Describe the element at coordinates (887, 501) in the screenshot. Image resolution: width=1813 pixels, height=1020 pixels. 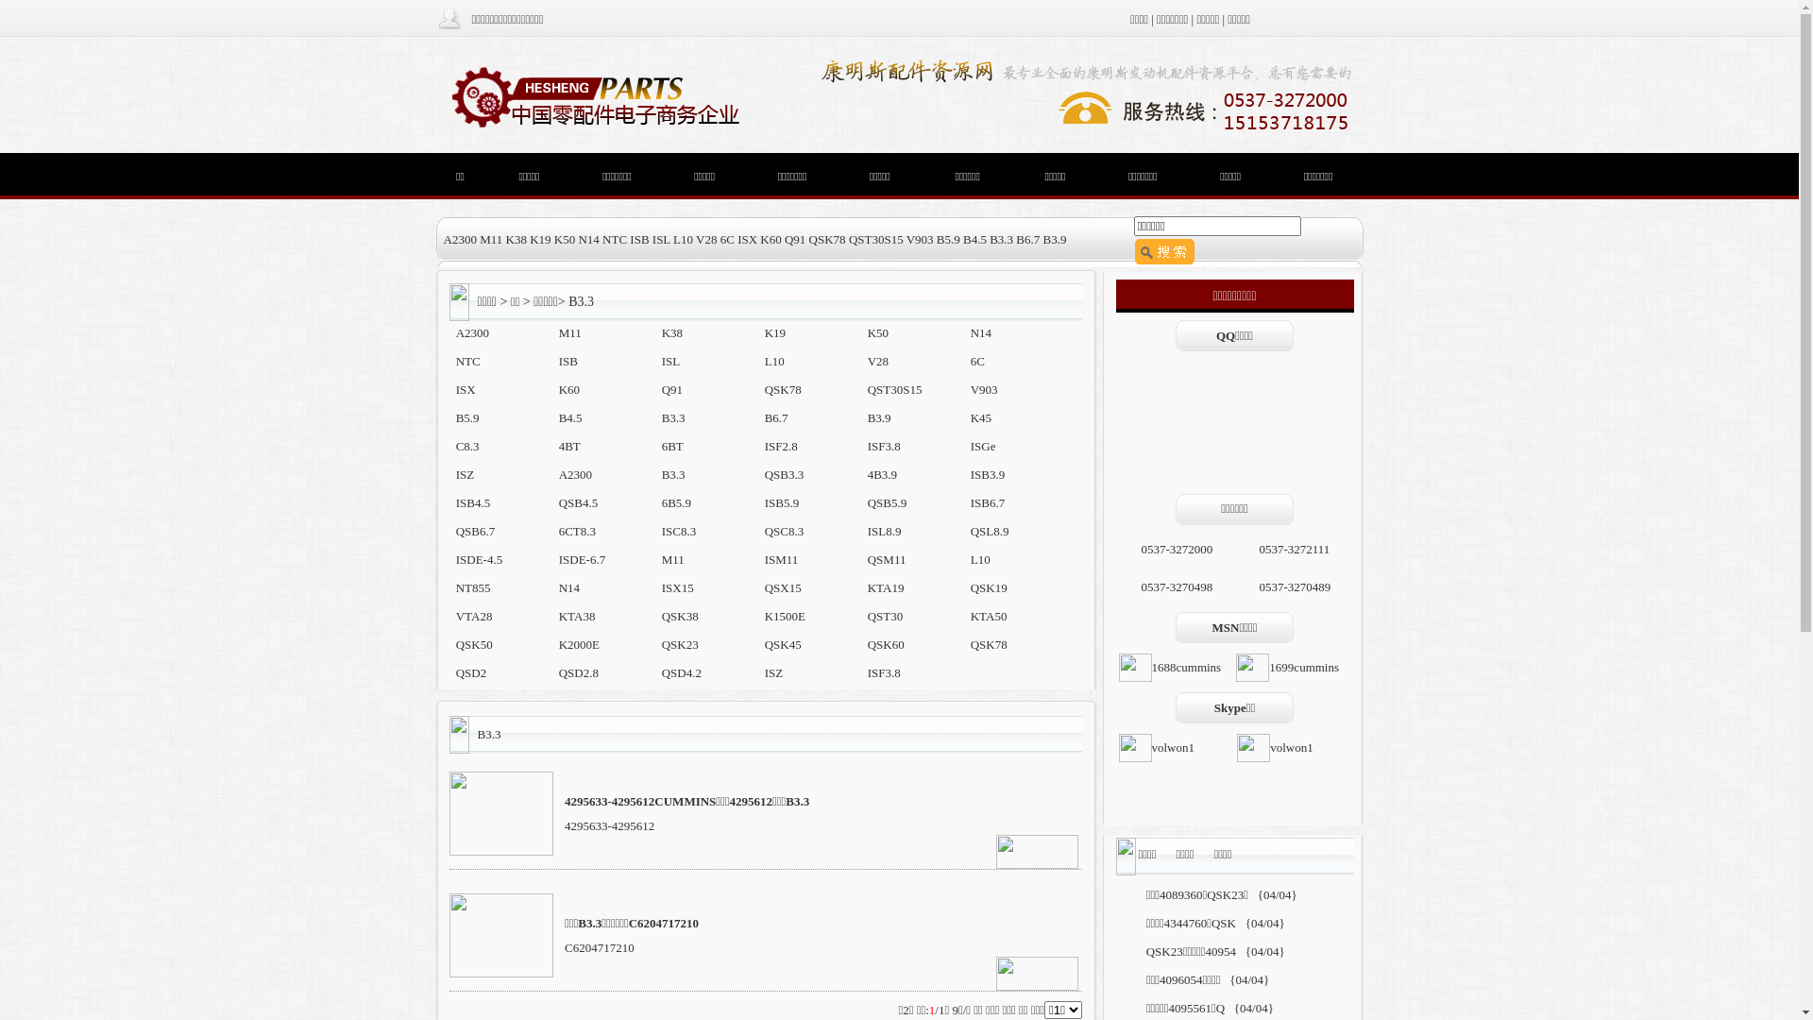
I see `'QSB5.9'` at that location.